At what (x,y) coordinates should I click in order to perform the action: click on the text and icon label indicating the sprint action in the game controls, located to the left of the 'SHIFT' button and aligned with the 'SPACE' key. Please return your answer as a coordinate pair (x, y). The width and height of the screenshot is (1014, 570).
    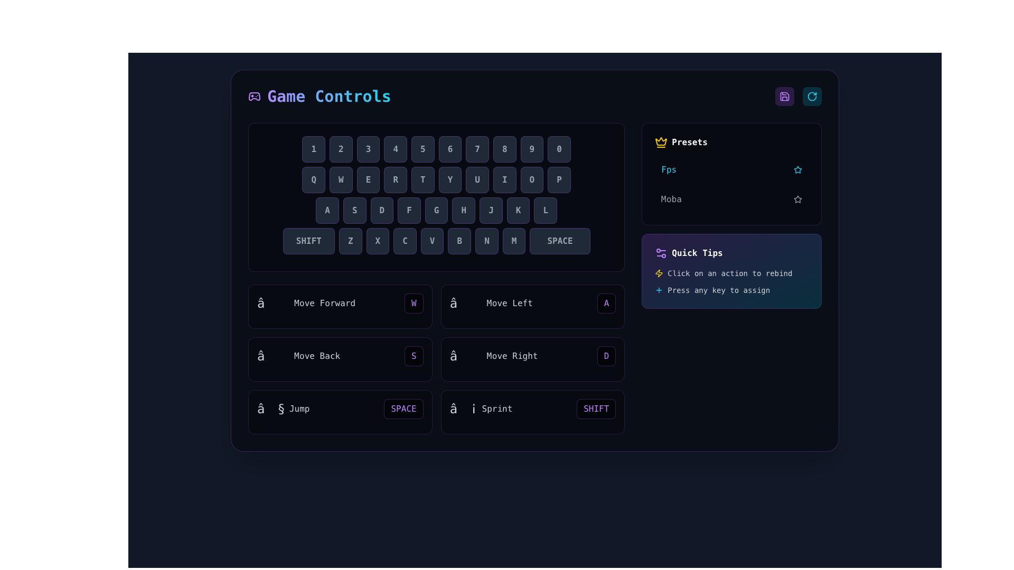
    Looking at the image, I should click on (481, 408).